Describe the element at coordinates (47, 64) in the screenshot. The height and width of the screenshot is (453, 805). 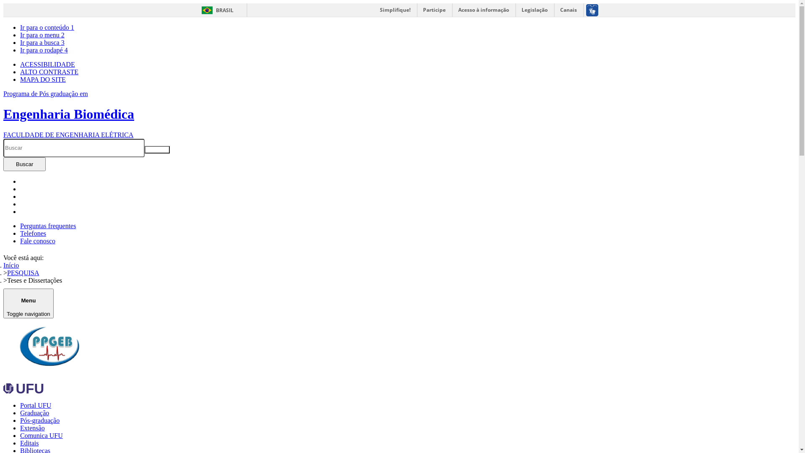
I see `'ACESSIBILIDADE'` at that location.